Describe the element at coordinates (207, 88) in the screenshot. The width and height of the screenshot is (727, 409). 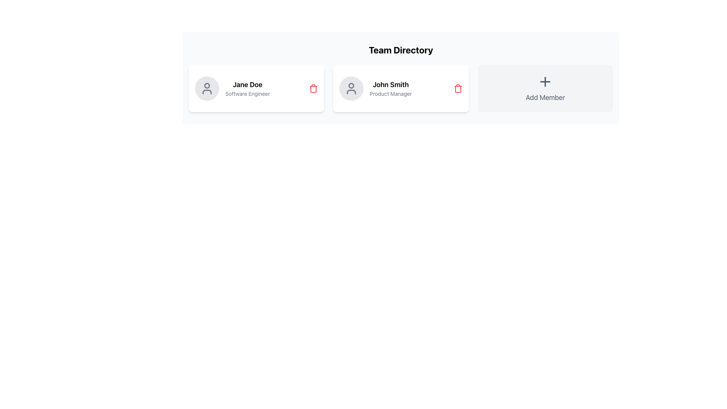
I see `the profile icon representing 'Jane Doe, Software Engineer' in the team directory, which is a circular avatar graphic with a gray outline on a light background` at that location.